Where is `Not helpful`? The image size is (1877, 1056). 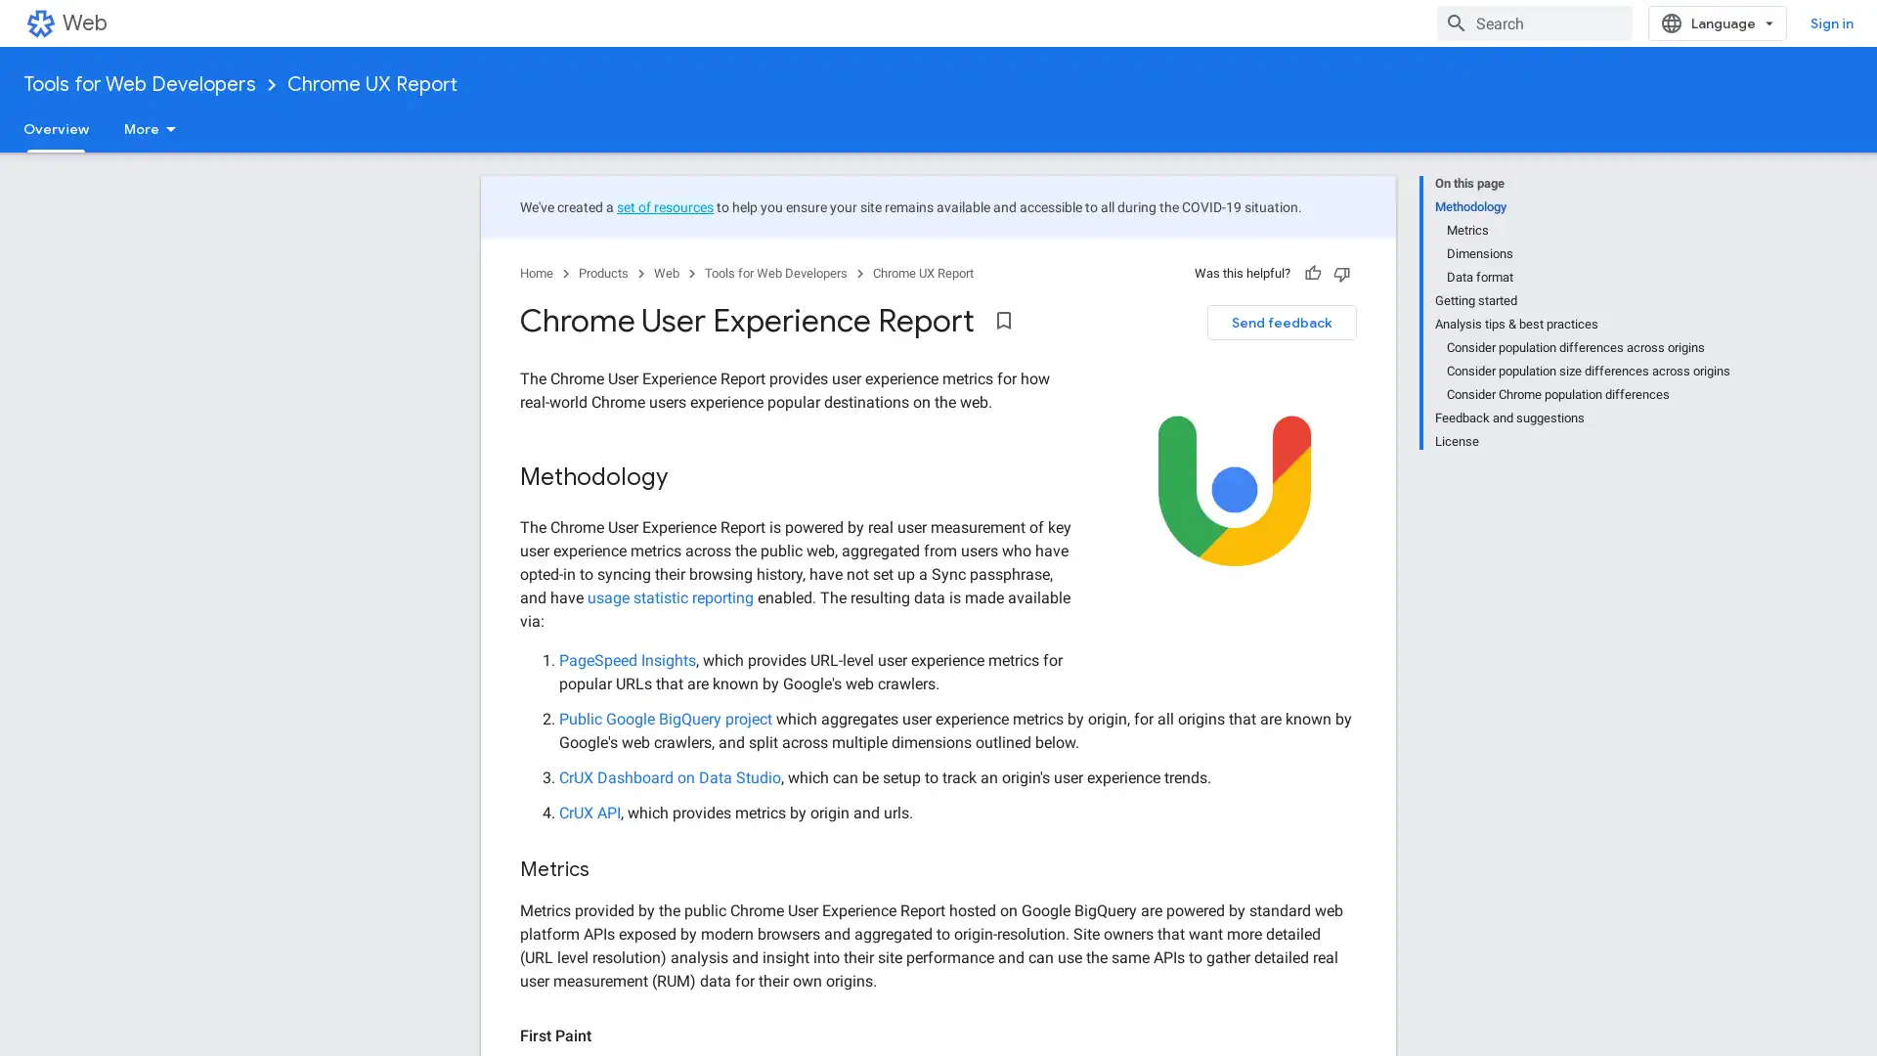 Not helpful is located at coordinates (1340, 274).